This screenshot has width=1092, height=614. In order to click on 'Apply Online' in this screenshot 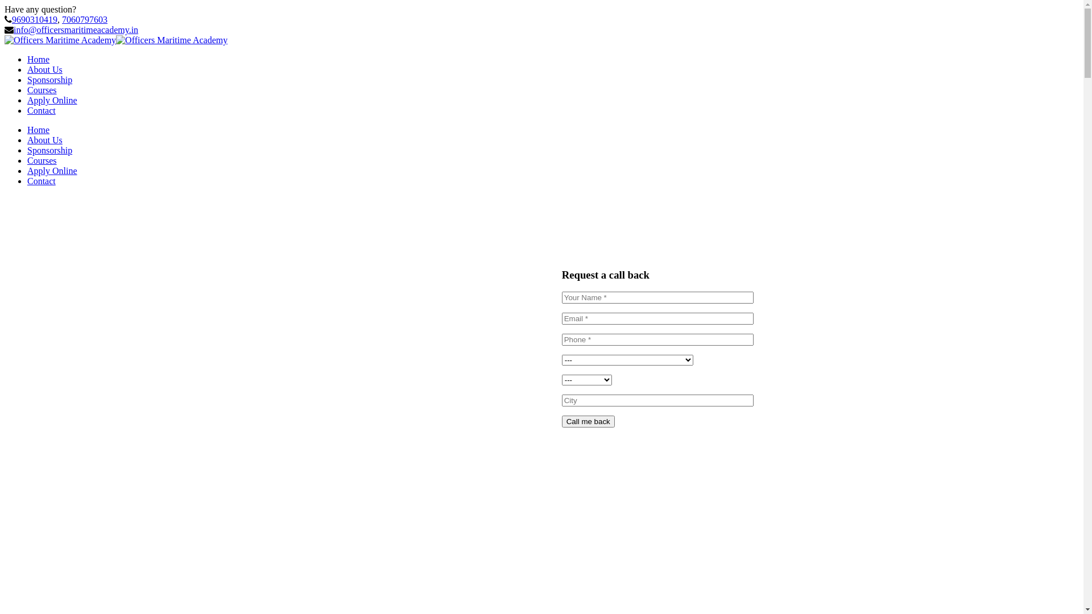, I will do `click(27, 171)`.